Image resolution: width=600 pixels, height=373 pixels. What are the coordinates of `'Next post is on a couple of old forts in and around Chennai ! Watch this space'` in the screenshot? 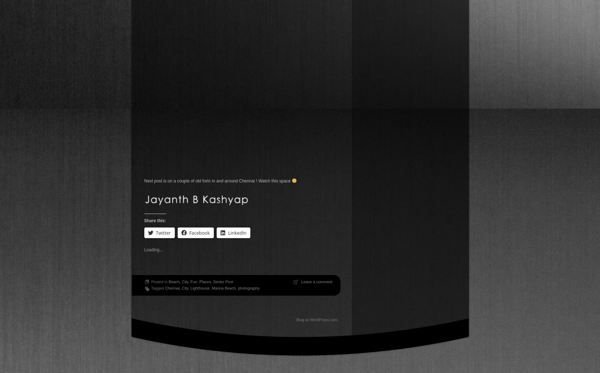 It's located at (217, 180).